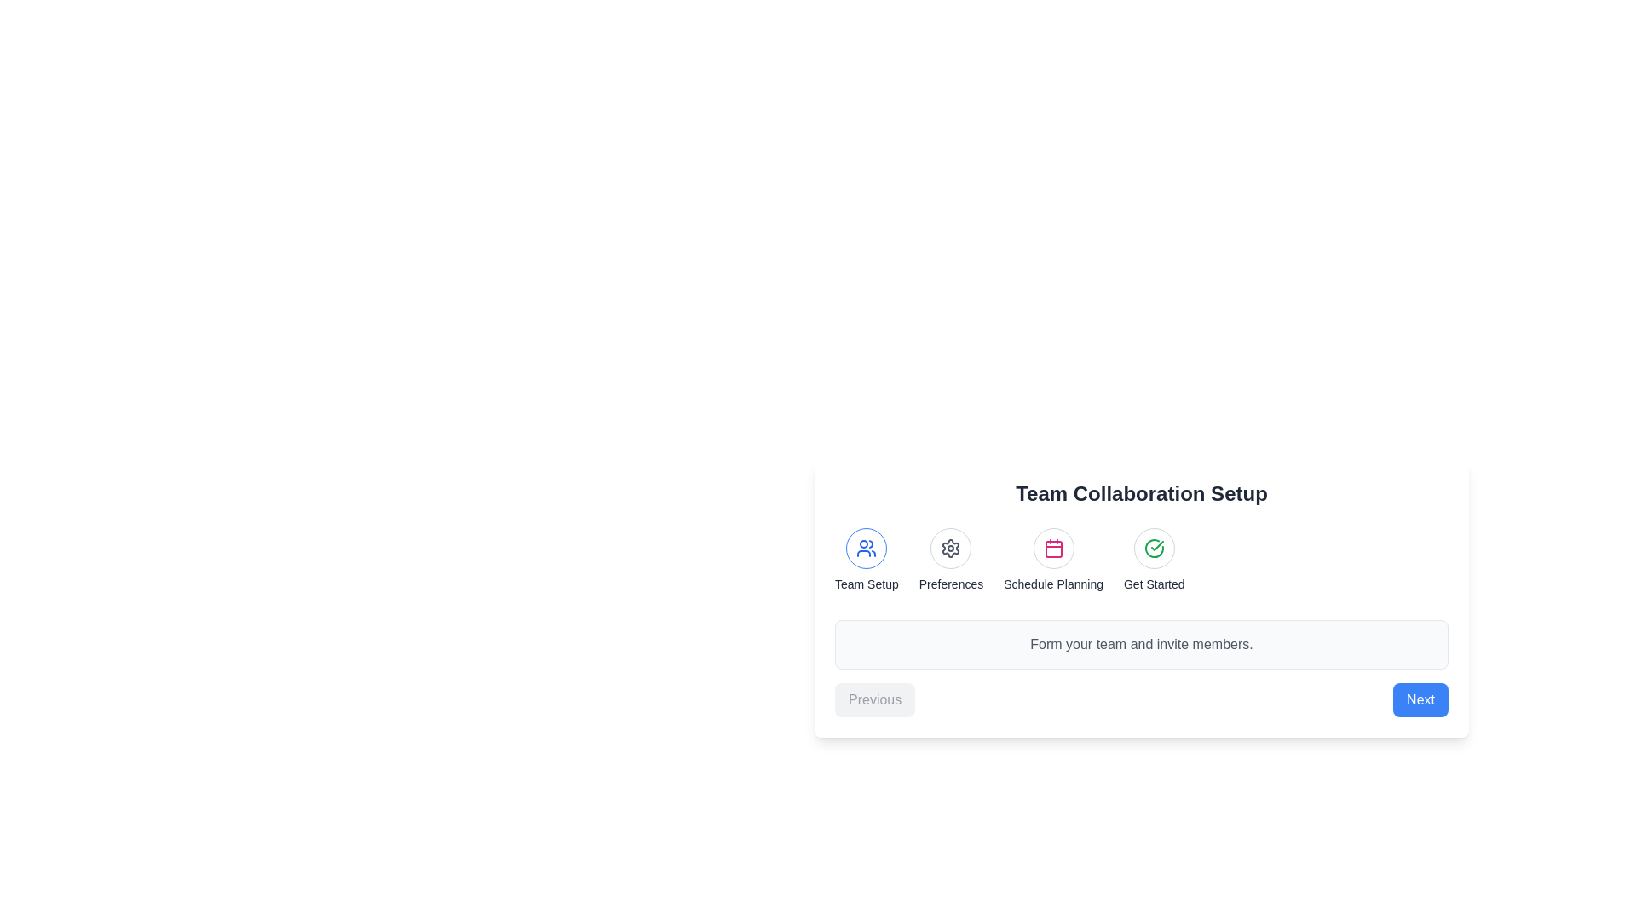 This screenshot has height=920, width=1636. Describe the element at coordinates (1052, 584) in the screenshot. I see `static text label indicating 'Schedule Planning' located directly below the calendar icon, which is the third section in a group of items including 'Team Setup,' 'Preferences,' and 'Get Started.'` at that location.